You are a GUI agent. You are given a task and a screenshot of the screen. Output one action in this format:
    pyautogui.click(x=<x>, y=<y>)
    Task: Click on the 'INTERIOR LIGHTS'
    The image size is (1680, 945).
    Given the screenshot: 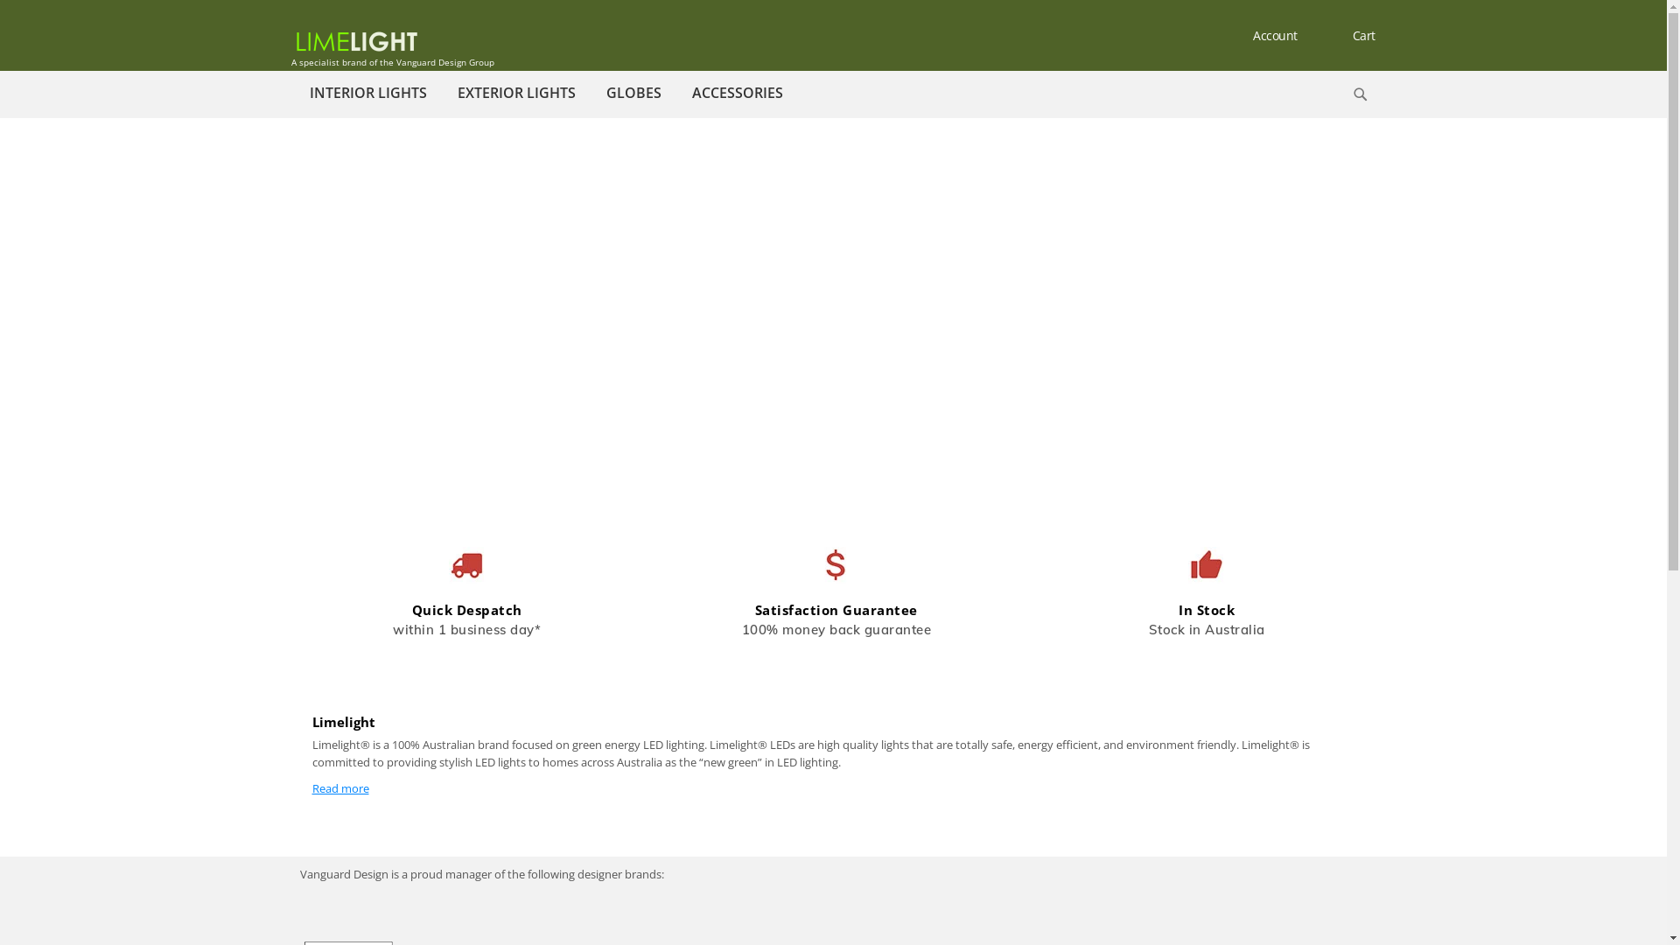 What is the action you would take?
    pyautogui.click(x=367, y=92)
    